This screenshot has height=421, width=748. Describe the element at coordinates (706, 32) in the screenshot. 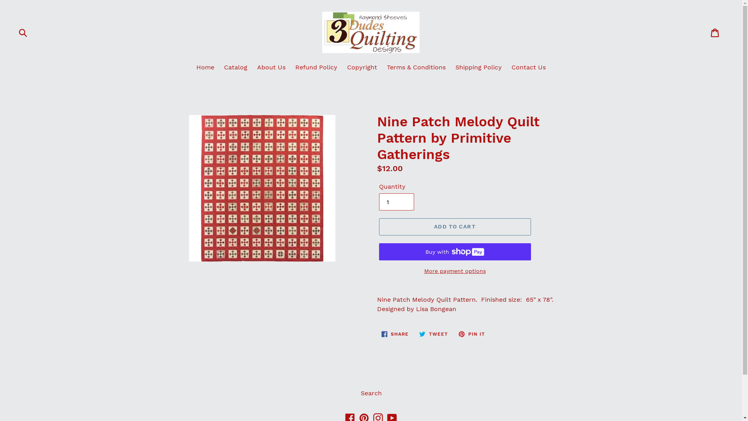

I see `'Cart'` at that location.